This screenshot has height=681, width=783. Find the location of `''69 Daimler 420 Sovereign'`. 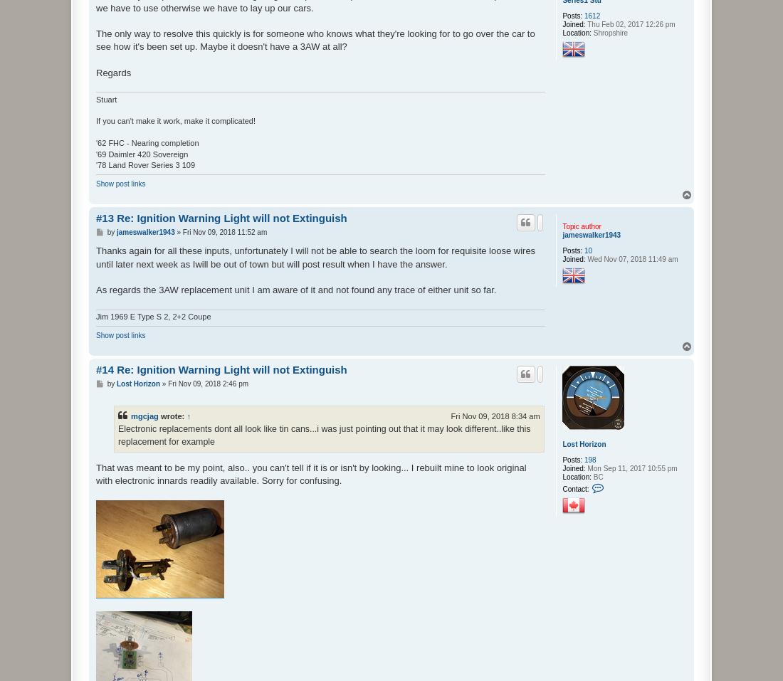

''69 Daimler 420 Sovereign' is located at coordinates (141, 152).